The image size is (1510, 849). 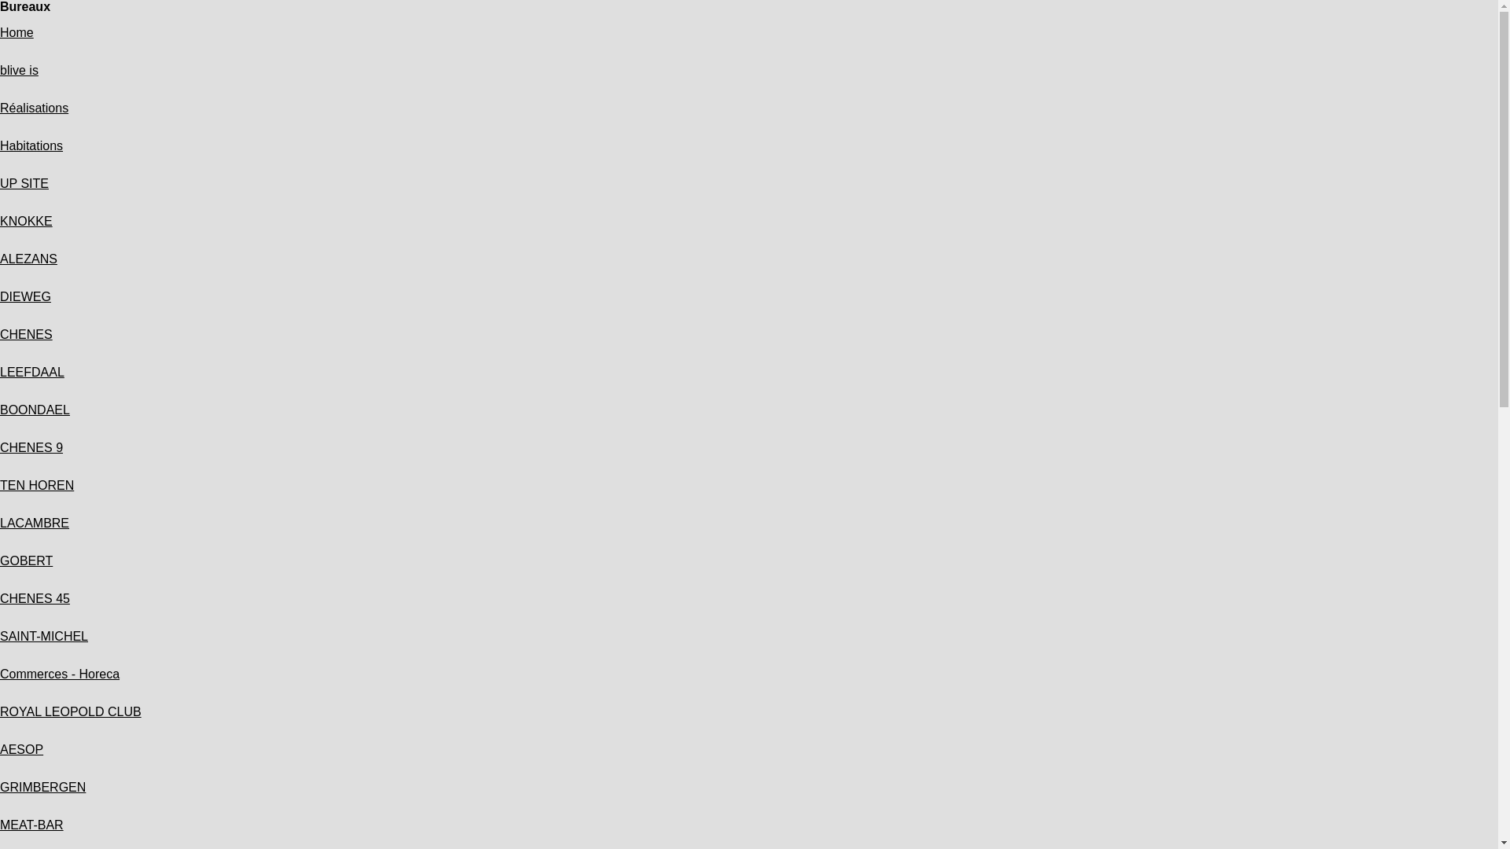 What do you see at coordinates (26, 221) in the screenshot?
I see `'KNOKKE'` at bounding box center [26, 221].